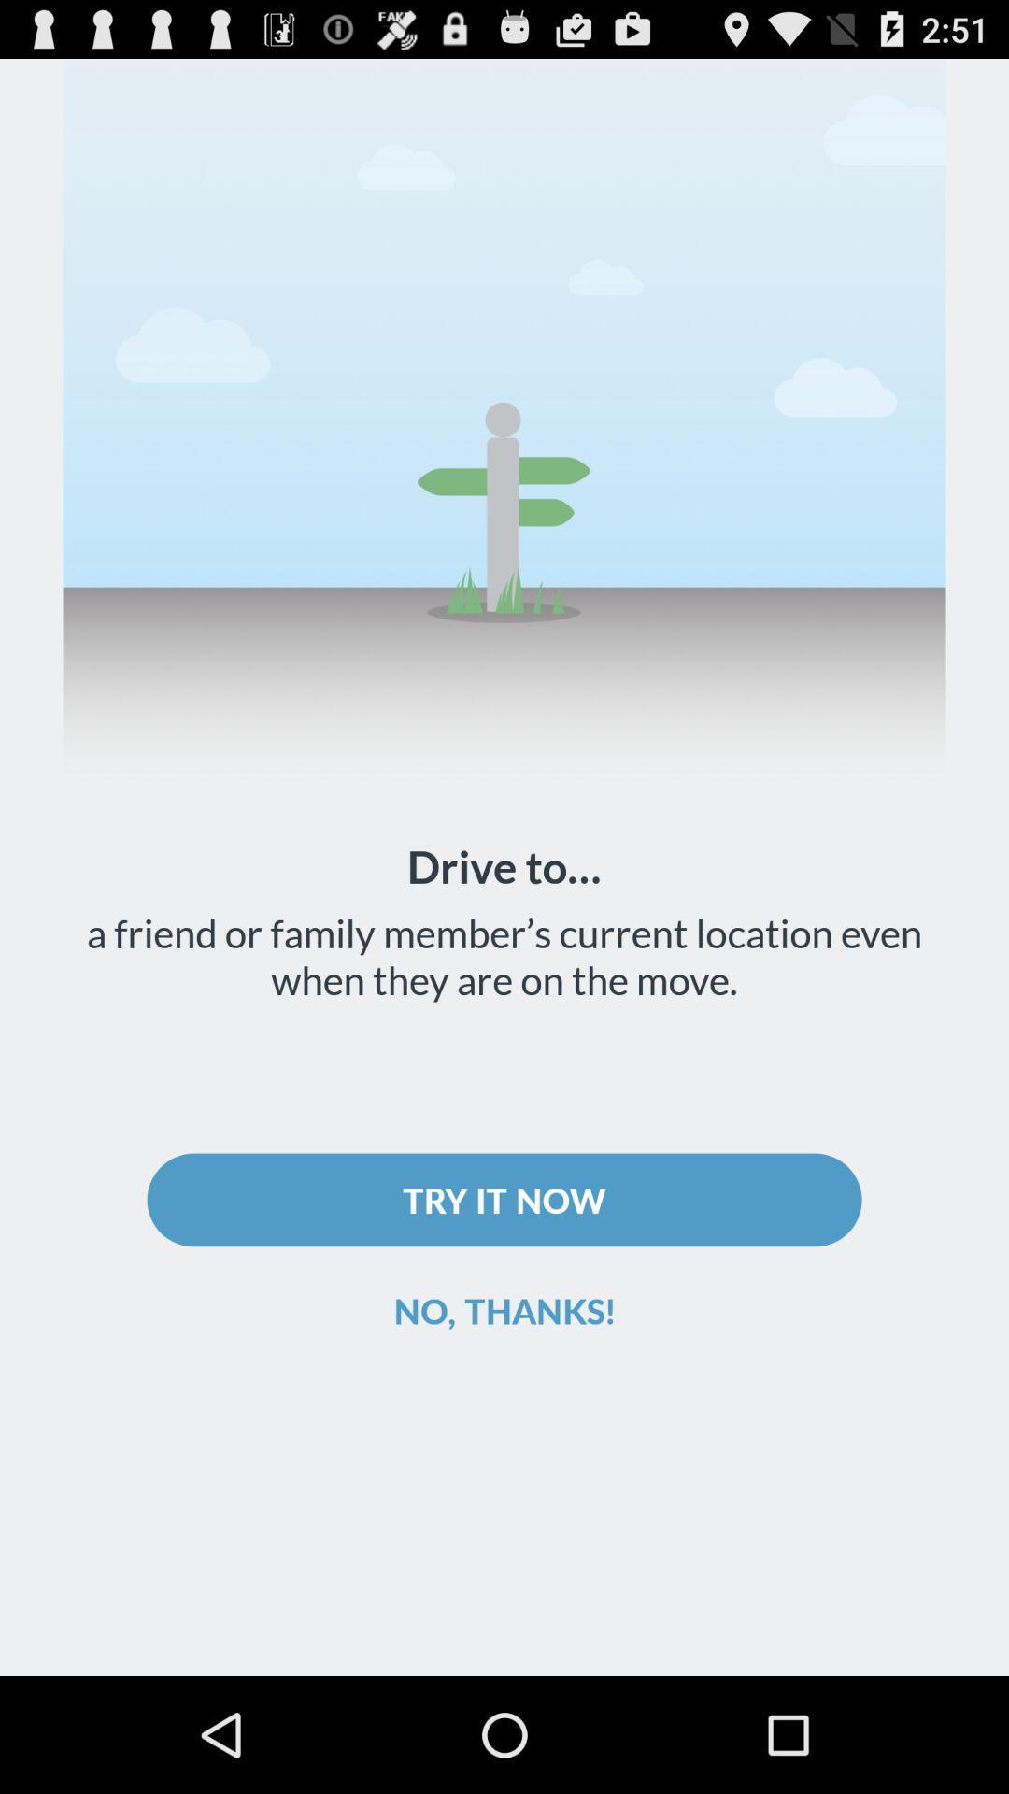 This screenshot has height=1794, width=1009. I want to click on icon below a friend or, so click(504, 1200).